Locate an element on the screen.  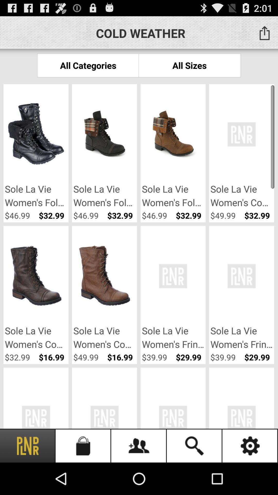
item next to the all sizes icon is located at coordinates (88, 65).